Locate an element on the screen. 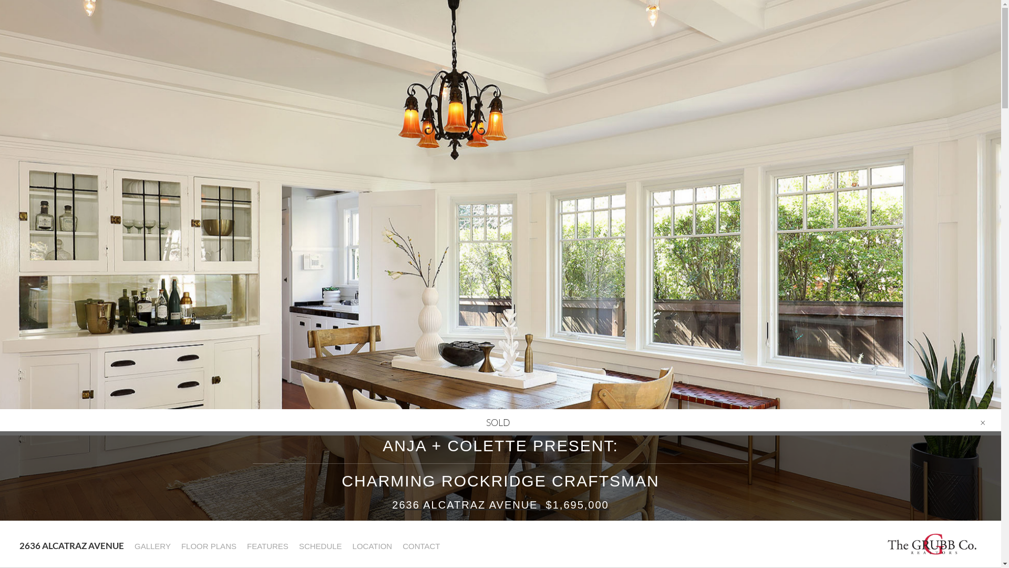 The image size is (1009, 568). 'CONTACT' is located at coordinates (420, 545).